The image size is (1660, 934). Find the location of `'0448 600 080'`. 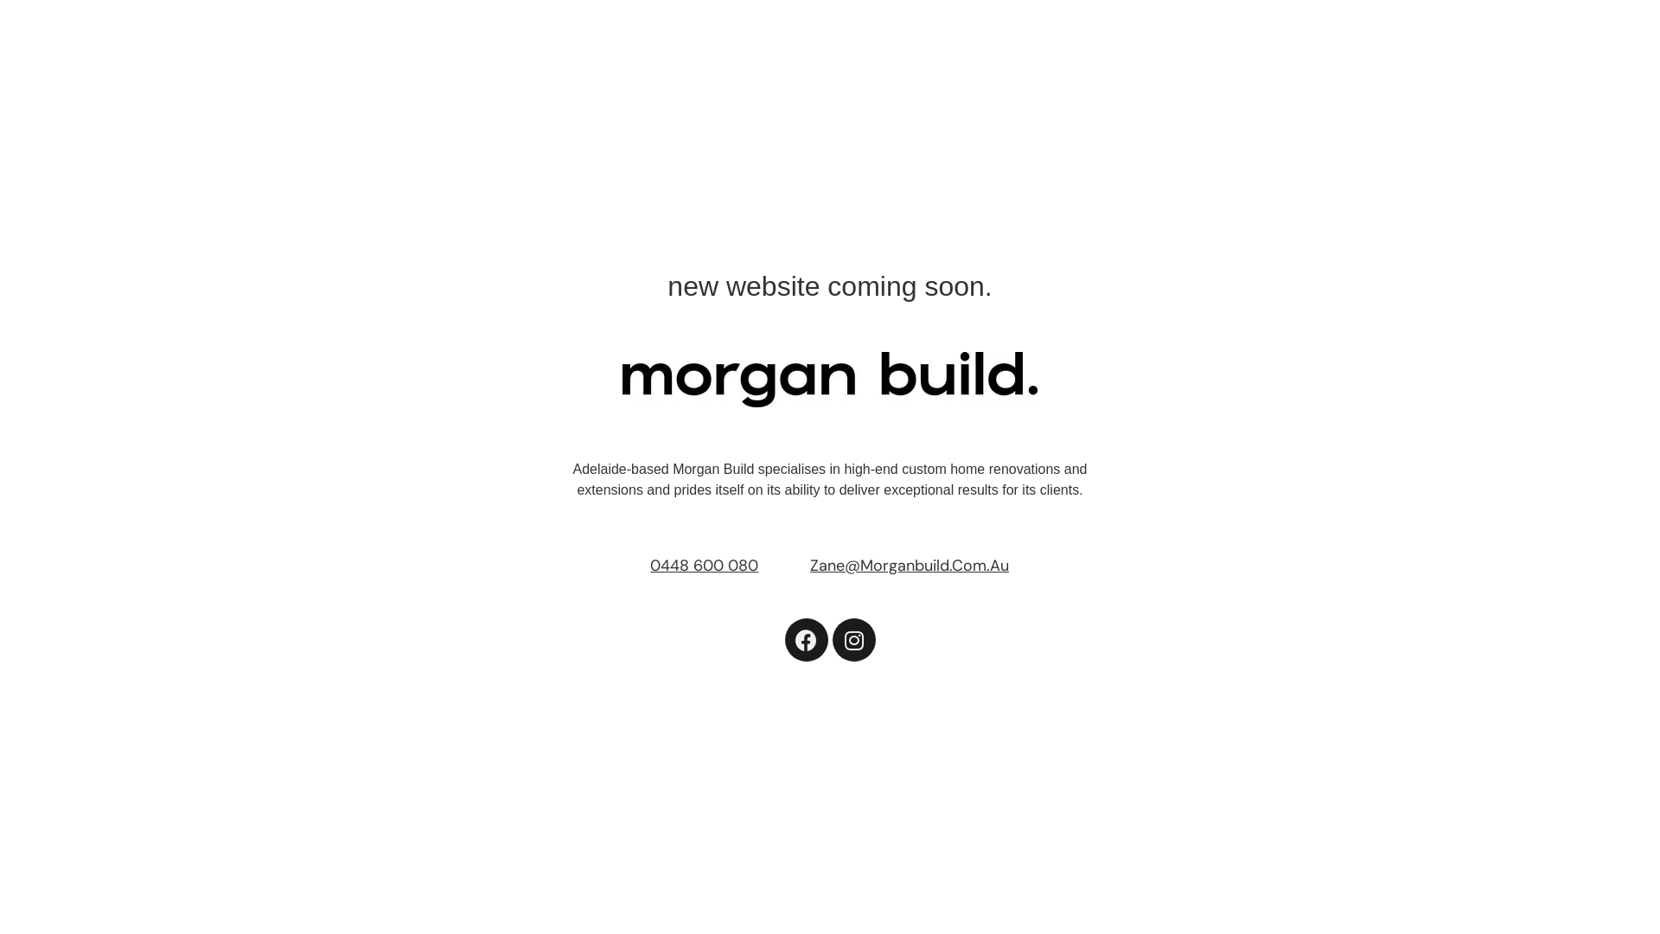

'0448 600 080' is located at coordinates (704, 566).